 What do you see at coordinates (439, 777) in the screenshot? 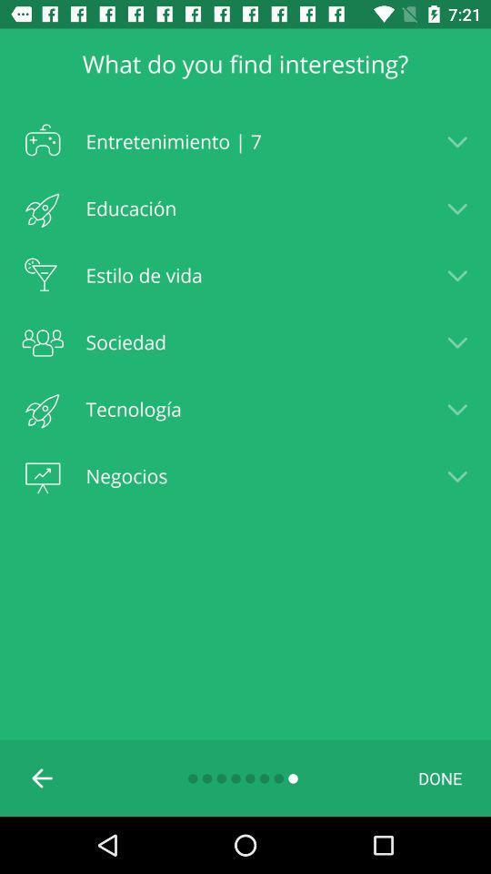
I see `icon at the bottom right corner` at bounding box center [439, 777].